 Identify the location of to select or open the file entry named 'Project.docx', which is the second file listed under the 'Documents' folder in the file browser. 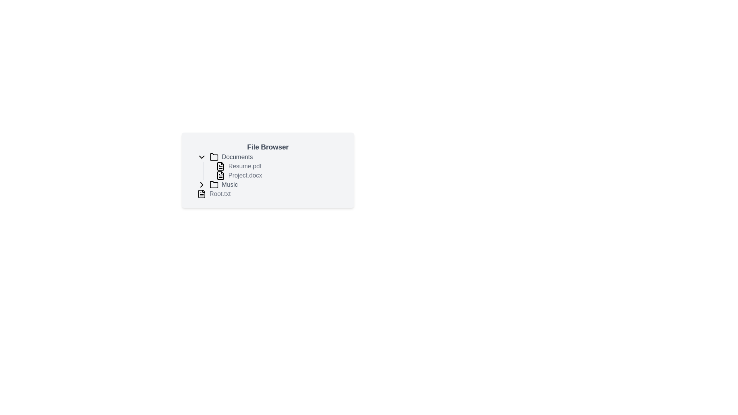
(239, 175).